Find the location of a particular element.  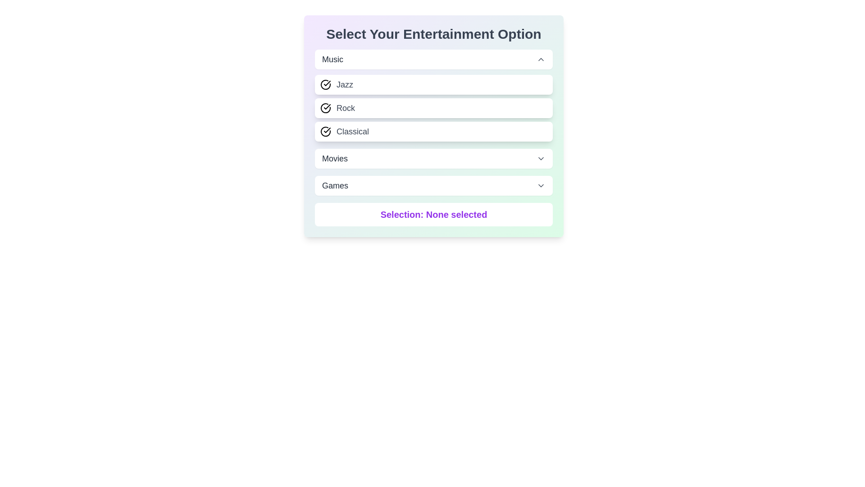

the 'Rock' radio button, which is the second option under the 'Music' section is located at coordinates (434, 107).